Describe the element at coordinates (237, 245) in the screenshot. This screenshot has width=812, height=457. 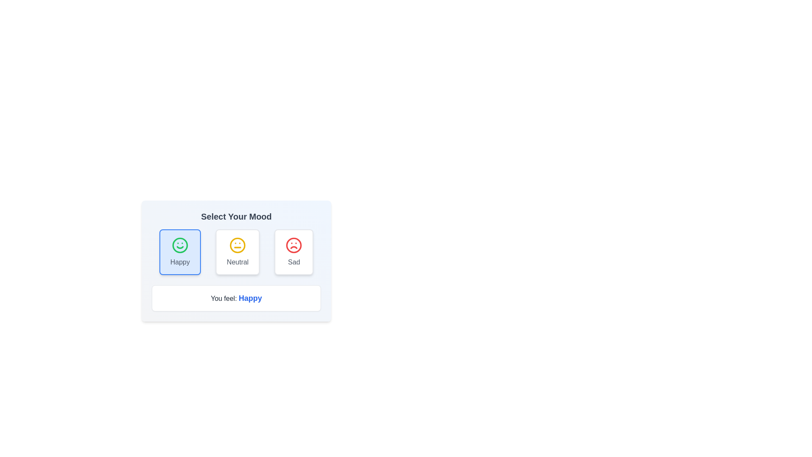
I see `the circular element with a yellow outline, which is the outer boundary of the neutral face emoji located at the center of the 'Neutral' mood selection button` at that location.